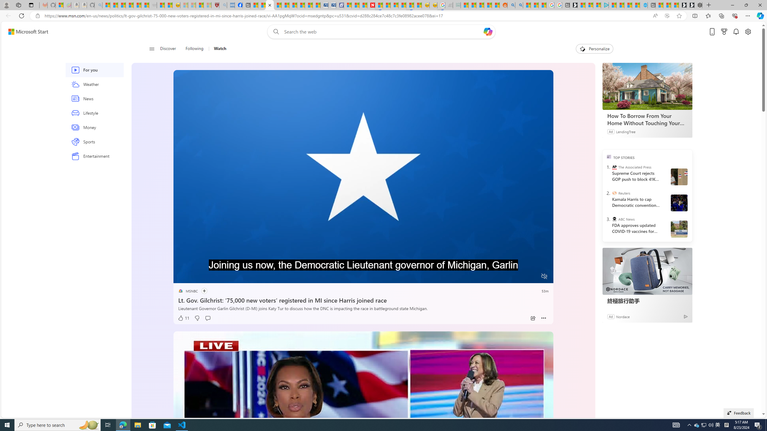 This screenshot has width=767, height=431. What do you see at coordinates (153, 5) in the screenshot?
I see `'Combat Siege - Sleeping'` at bounding box center [153, 5].